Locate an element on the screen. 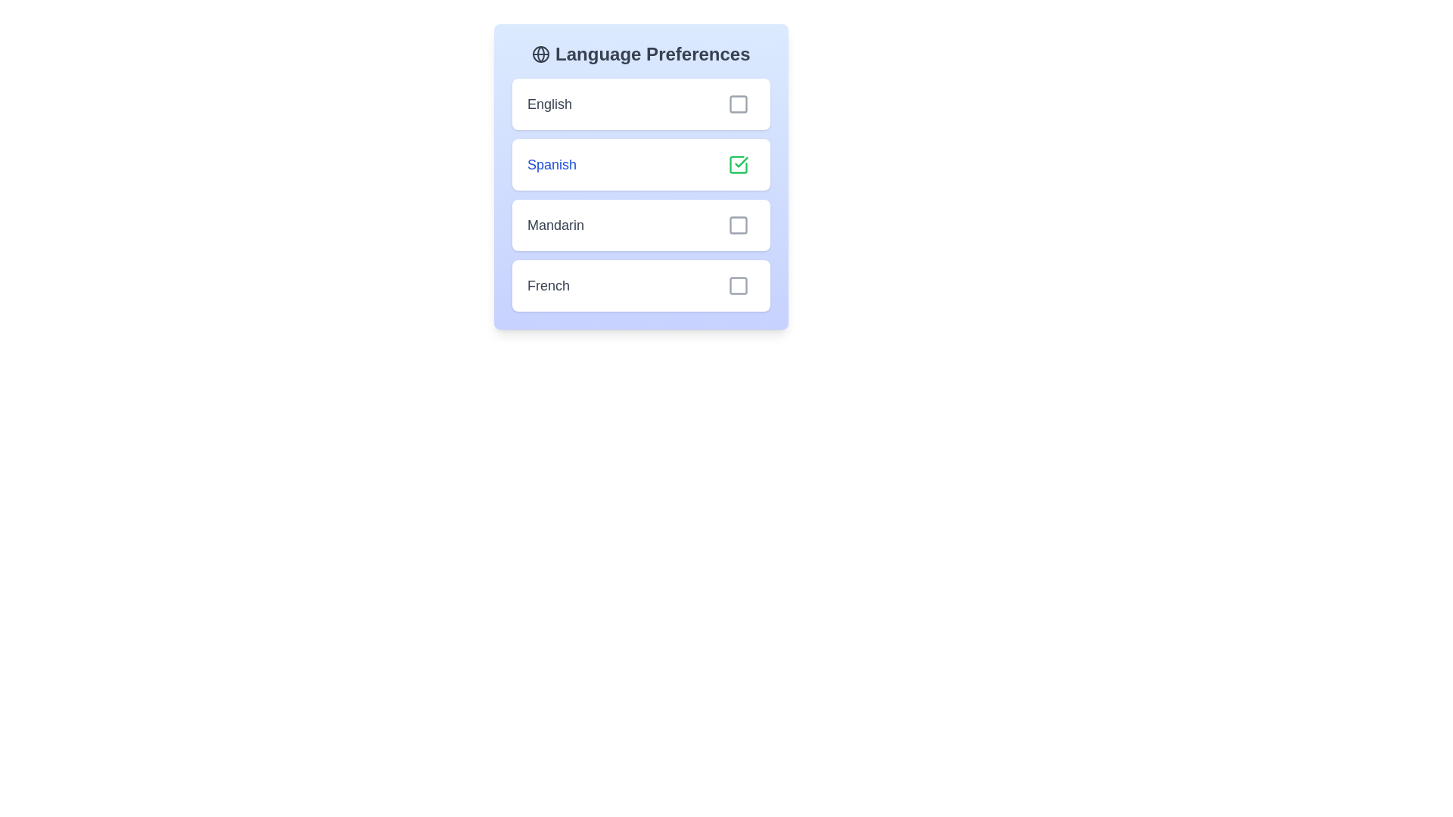 The width and height of the screenshot is (1453, 817). the bolded text heading 'Language Preferences' that is styled in 'gray-700' color on a light blue gradient background, located at the top center of the content area is located at coordinates (641, 54).